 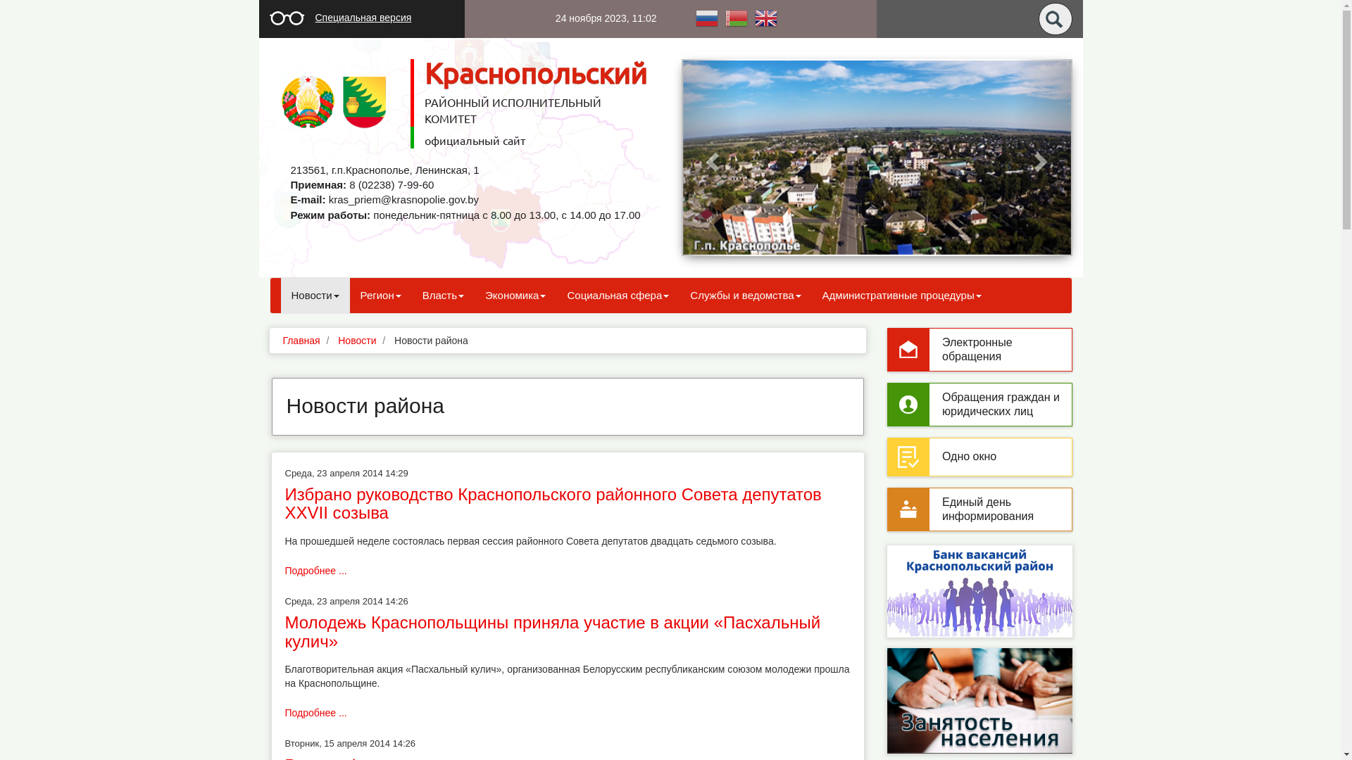 What do you see at coordinates (735, 17) in the screenshot?
I see `'Belarusian'` at bounding box center [735, 17].